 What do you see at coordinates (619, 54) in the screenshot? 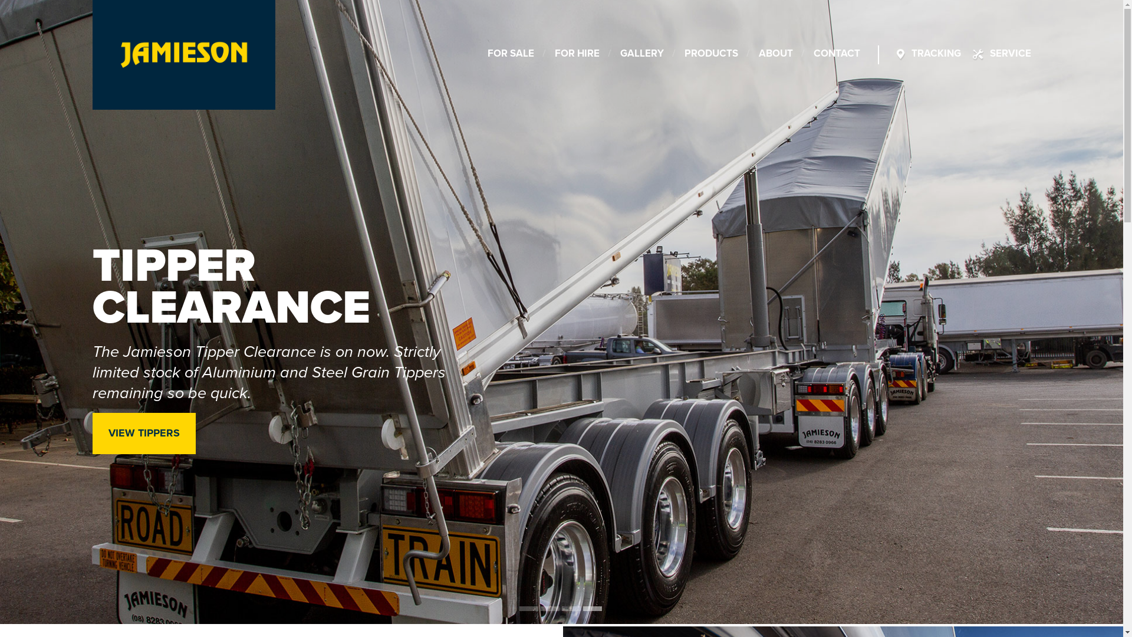
I see `'GALLERY'` at bounding box center [619, 54].